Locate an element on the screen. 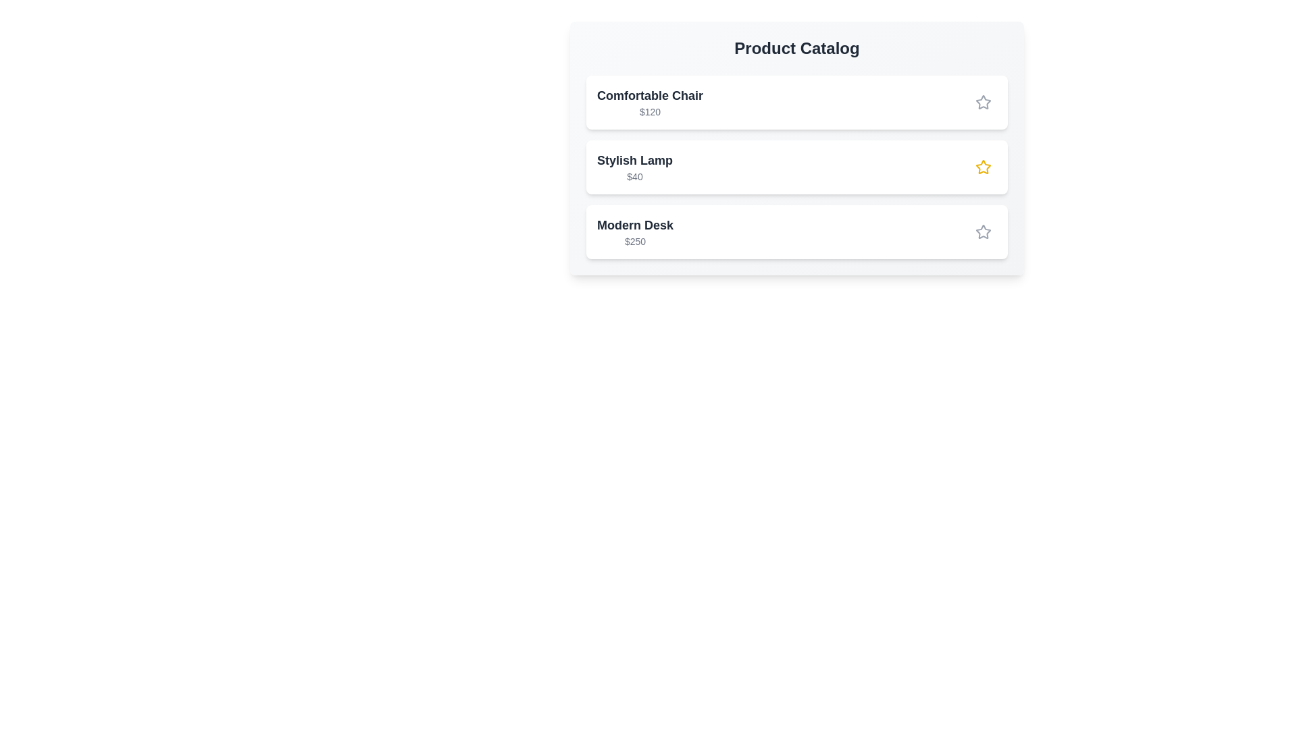  star icon for the product with name Comfortable Chair to toggle its featured state is located at coordinates (983, 101).